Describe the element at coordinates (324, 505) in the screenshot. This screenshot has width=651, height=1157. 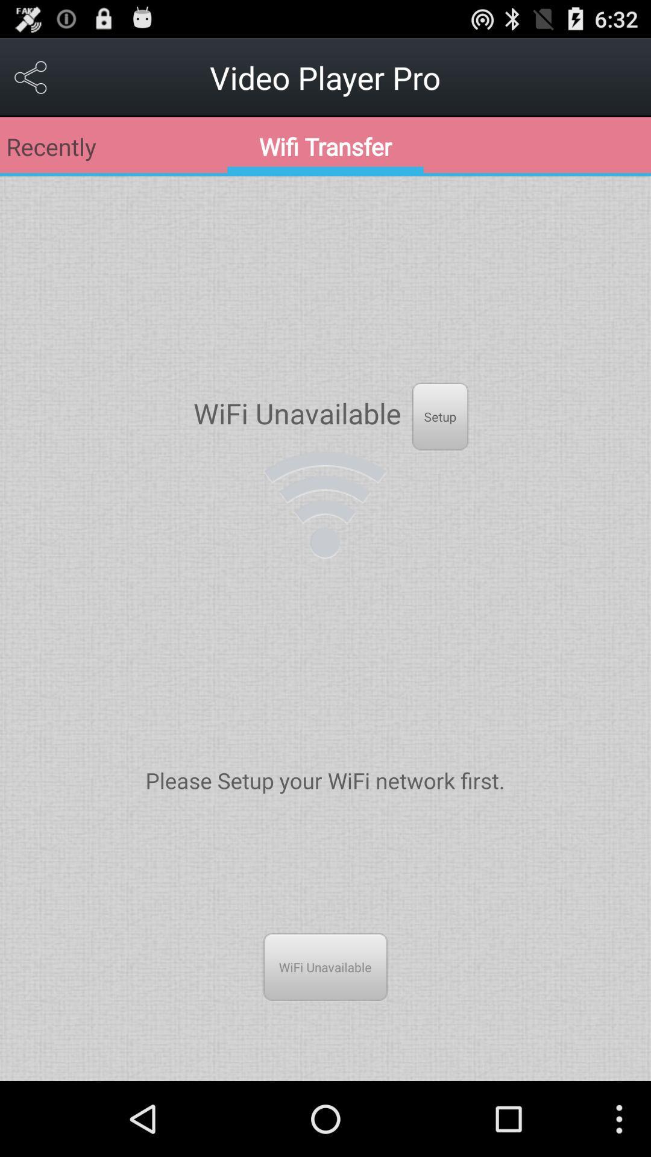
I see `the icon above please setup your app` at that location.